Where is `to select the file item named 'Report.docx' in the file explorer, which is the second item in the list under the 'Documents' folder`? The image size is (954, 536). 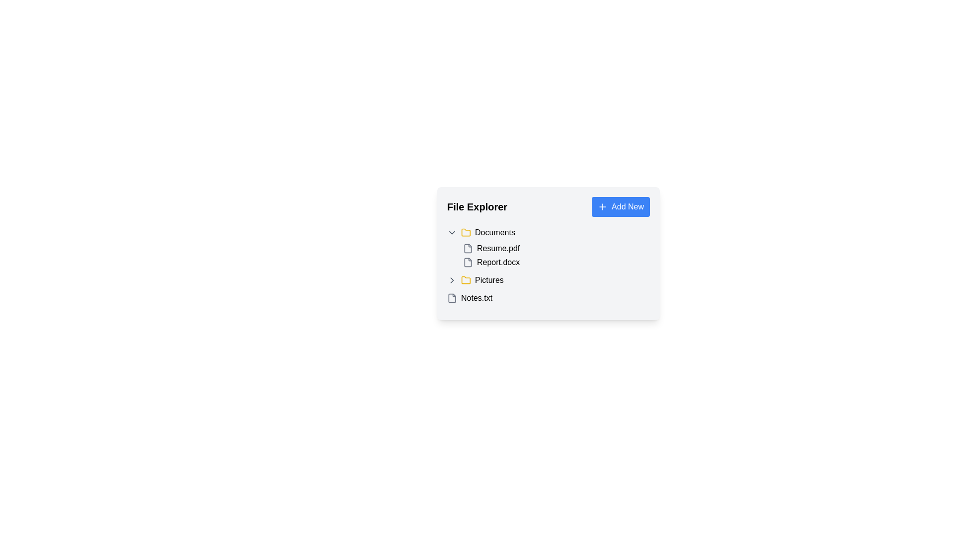 to select the file item named 'Report.docx' in the file explorer, which is the second item in the list under the 'Documents' folder is located at coordinates (556, 262).